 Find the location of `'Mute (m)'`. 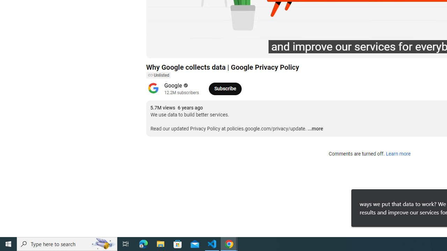

'Mute (m)' is located at coordinates (191, 49).